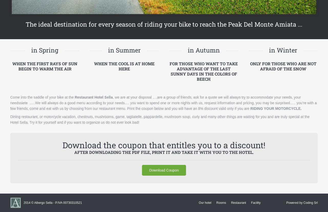 The height and width of the screenshot is (212, 328). I want to click on 'saddle', so click(38, 97).